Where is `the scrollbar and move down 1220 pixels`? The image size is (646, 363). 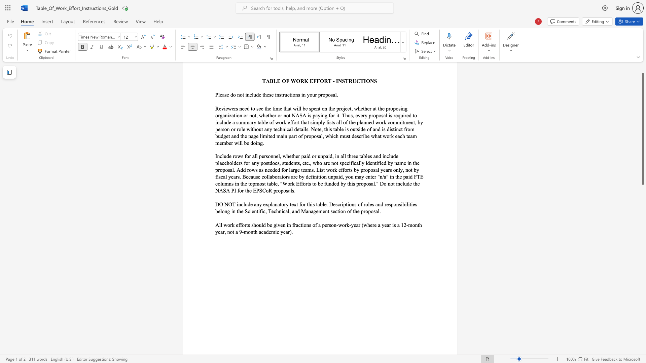
the scrollbar and move down 1220 pixels is located at coordinates (642, 129).